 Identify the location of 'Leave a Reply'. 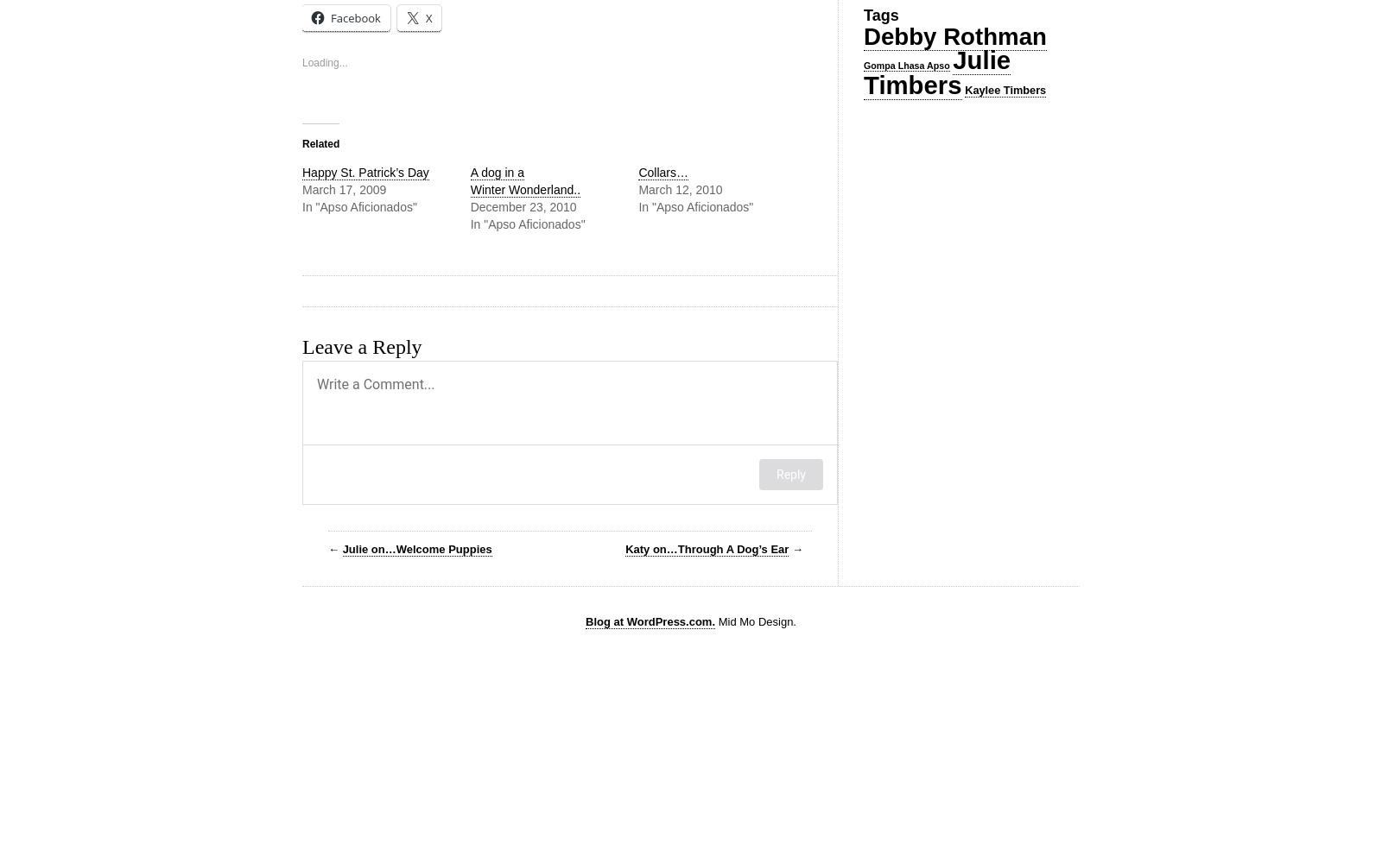
(361, 347).